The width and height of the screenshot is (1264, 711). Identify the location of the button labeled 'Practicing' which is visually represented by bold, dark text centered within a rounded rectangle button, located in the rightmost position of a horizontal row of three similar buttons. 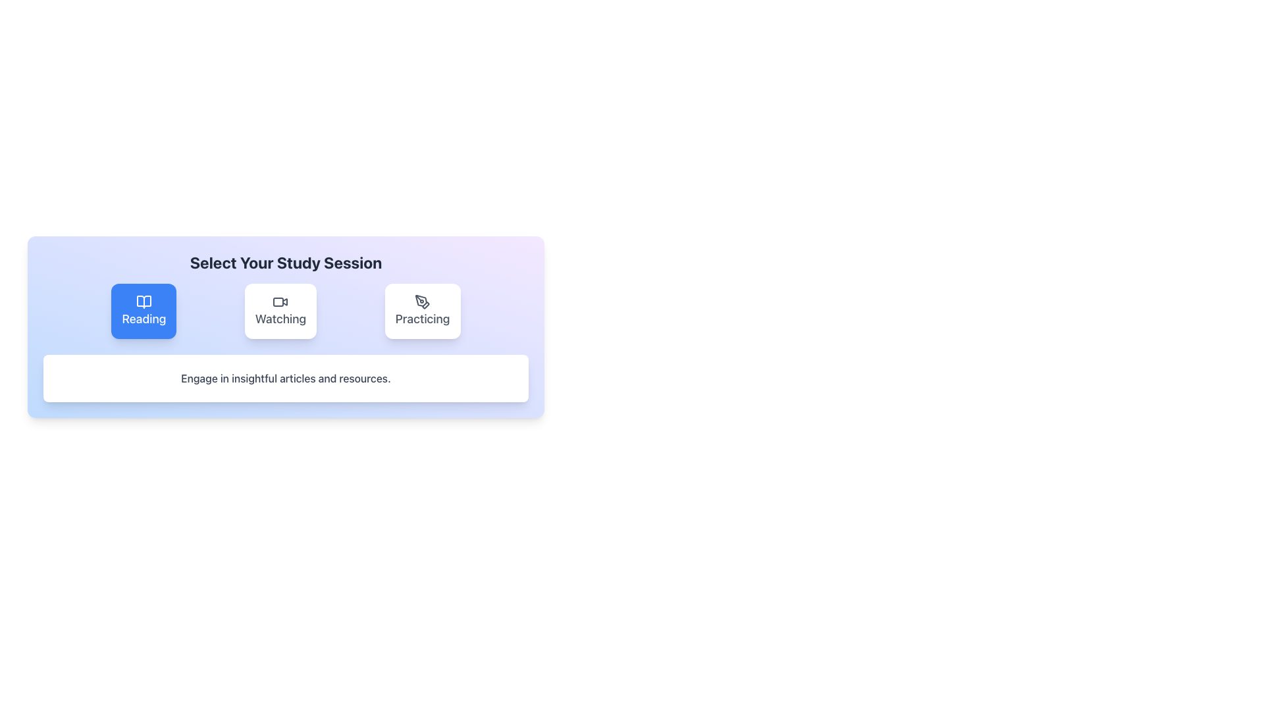
(423, 319).